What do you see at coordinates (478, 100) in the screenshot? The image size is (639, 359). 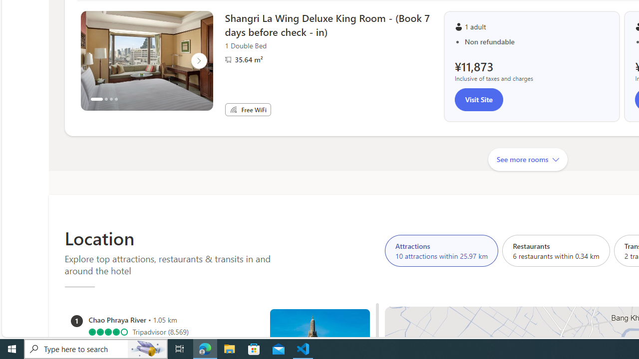 I see `'Visit Site'` at bounding box center [478, 100].